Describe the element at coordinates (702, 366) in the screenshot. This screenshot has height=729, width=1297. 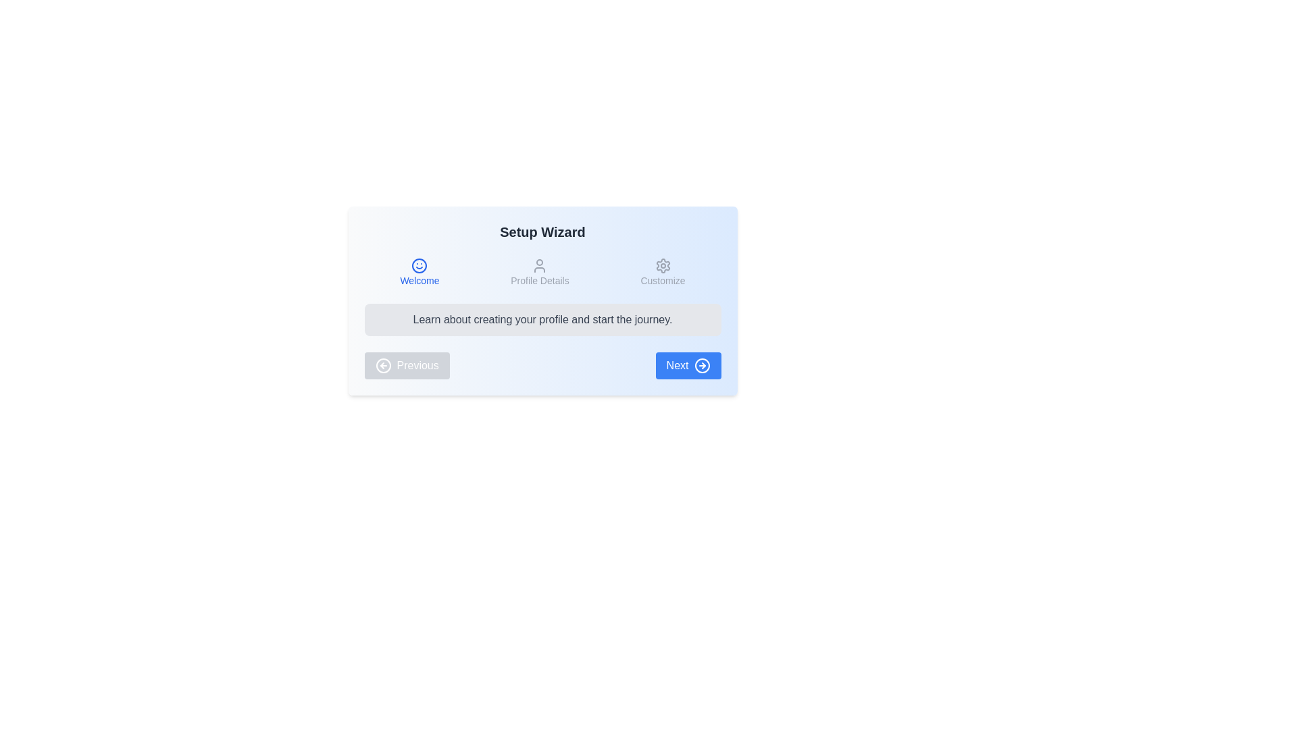
I see `the visual representation of the circular arrow icon within the 'Next' button located at the bottom-right corner of the wizard interface` at that location.